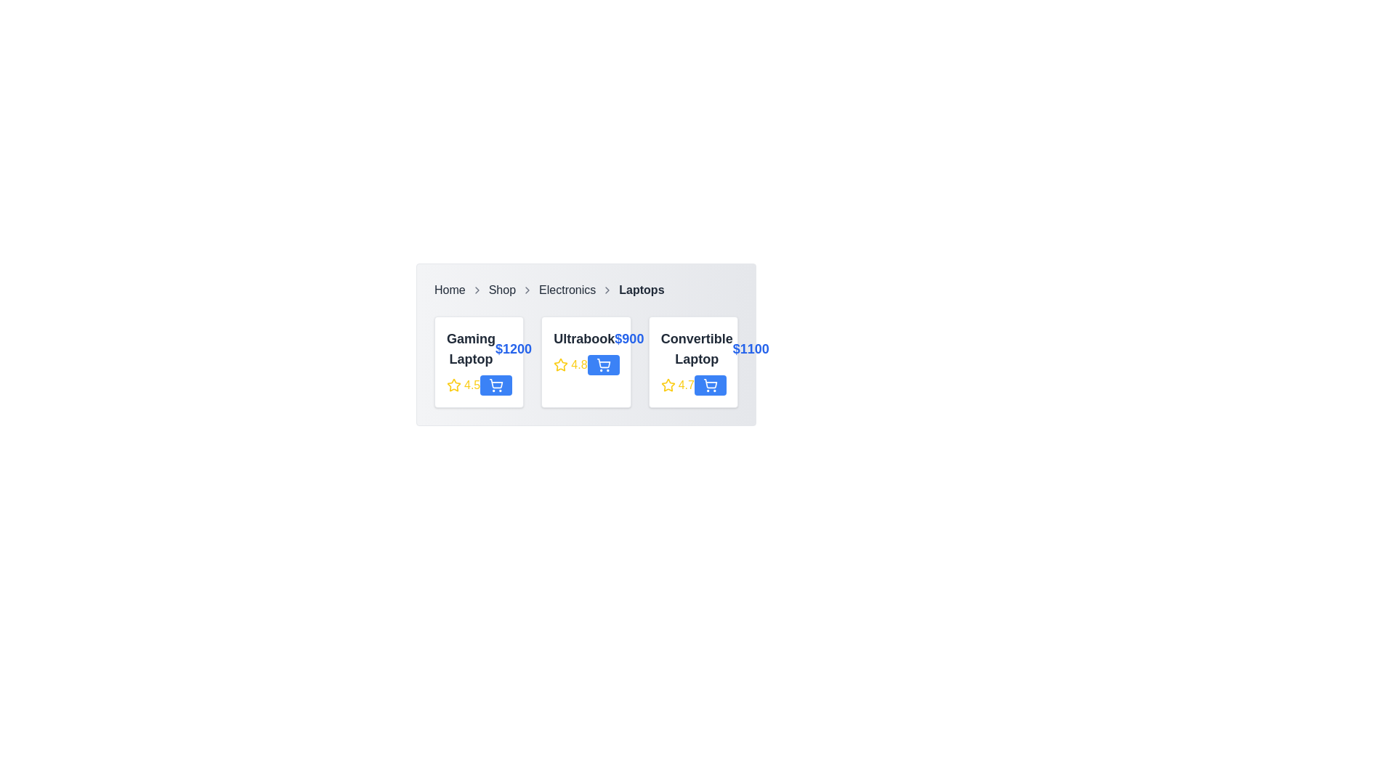 This screenshot has height=784, width=1395. Describe the element at coordinates (479, 385) in the screenshot. I see `the rating value displayed on the Rating display panel located in the bottom section of the first product card for 'Gaming Laptop'` at that location.